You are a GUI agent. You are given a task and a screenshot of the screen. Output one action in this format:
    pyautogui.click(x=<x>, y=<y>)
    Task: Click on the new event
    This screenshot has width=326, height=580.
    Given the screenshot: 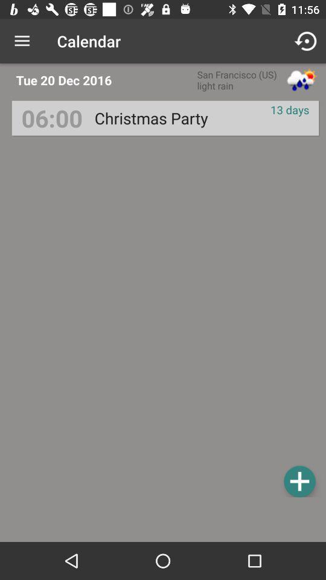 What is the action you would take?
    pyautogui.click(x=299, y=481)
    